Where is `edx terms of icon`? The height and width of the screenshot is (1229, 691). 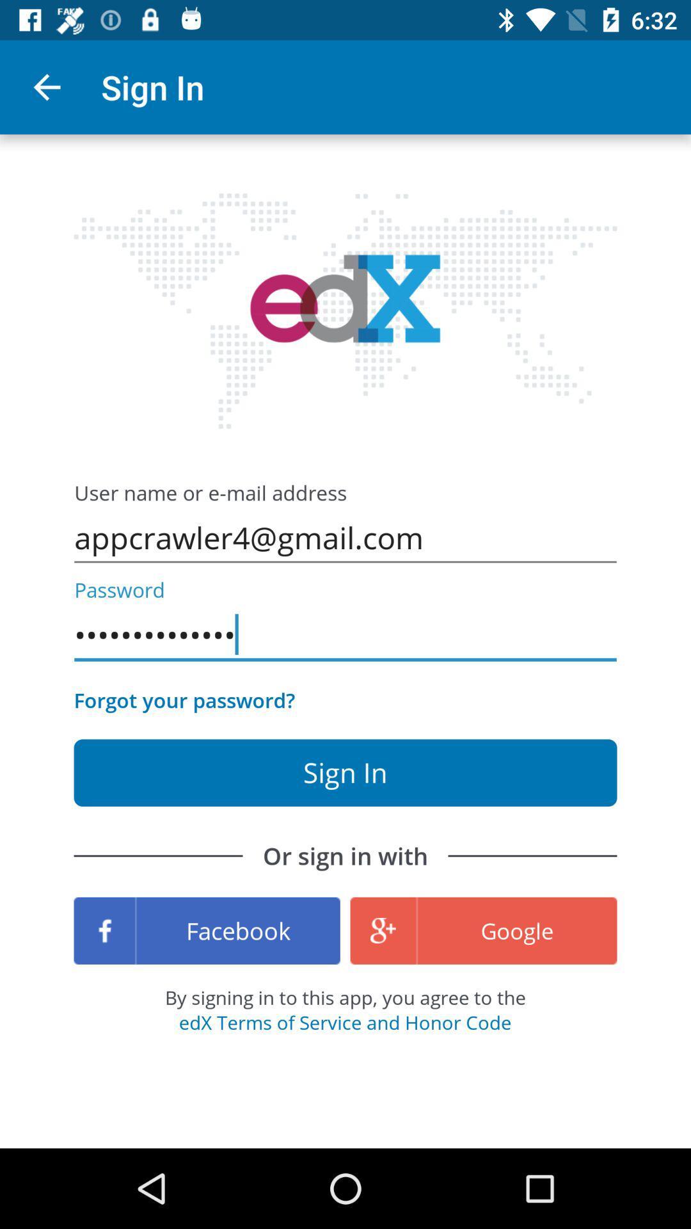
edx terms of icon is located at coordinates (344, 1022).